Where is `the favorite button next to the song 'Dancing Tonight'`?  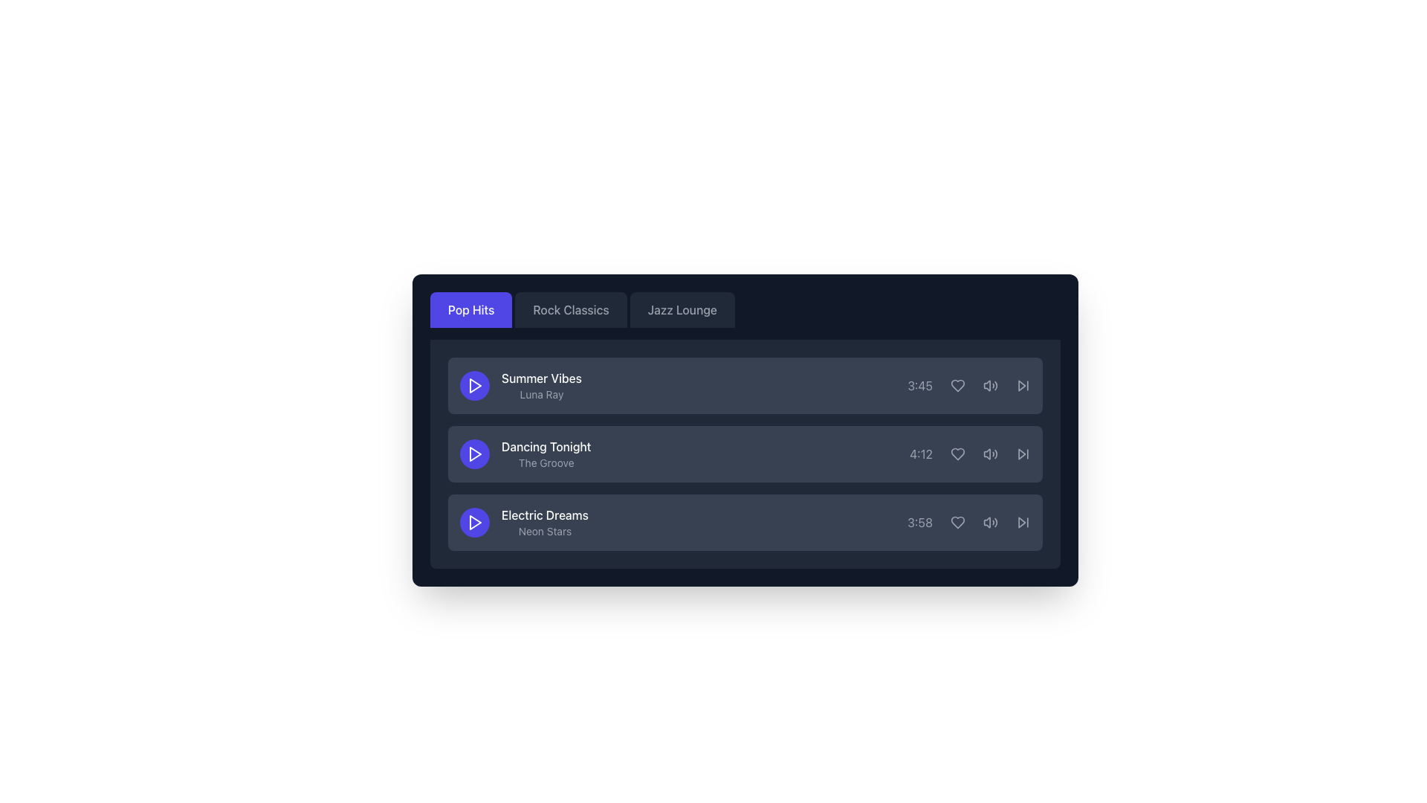 the favorite button next to the song 'Dancing Tonight' is located at coordinates (958, 453).